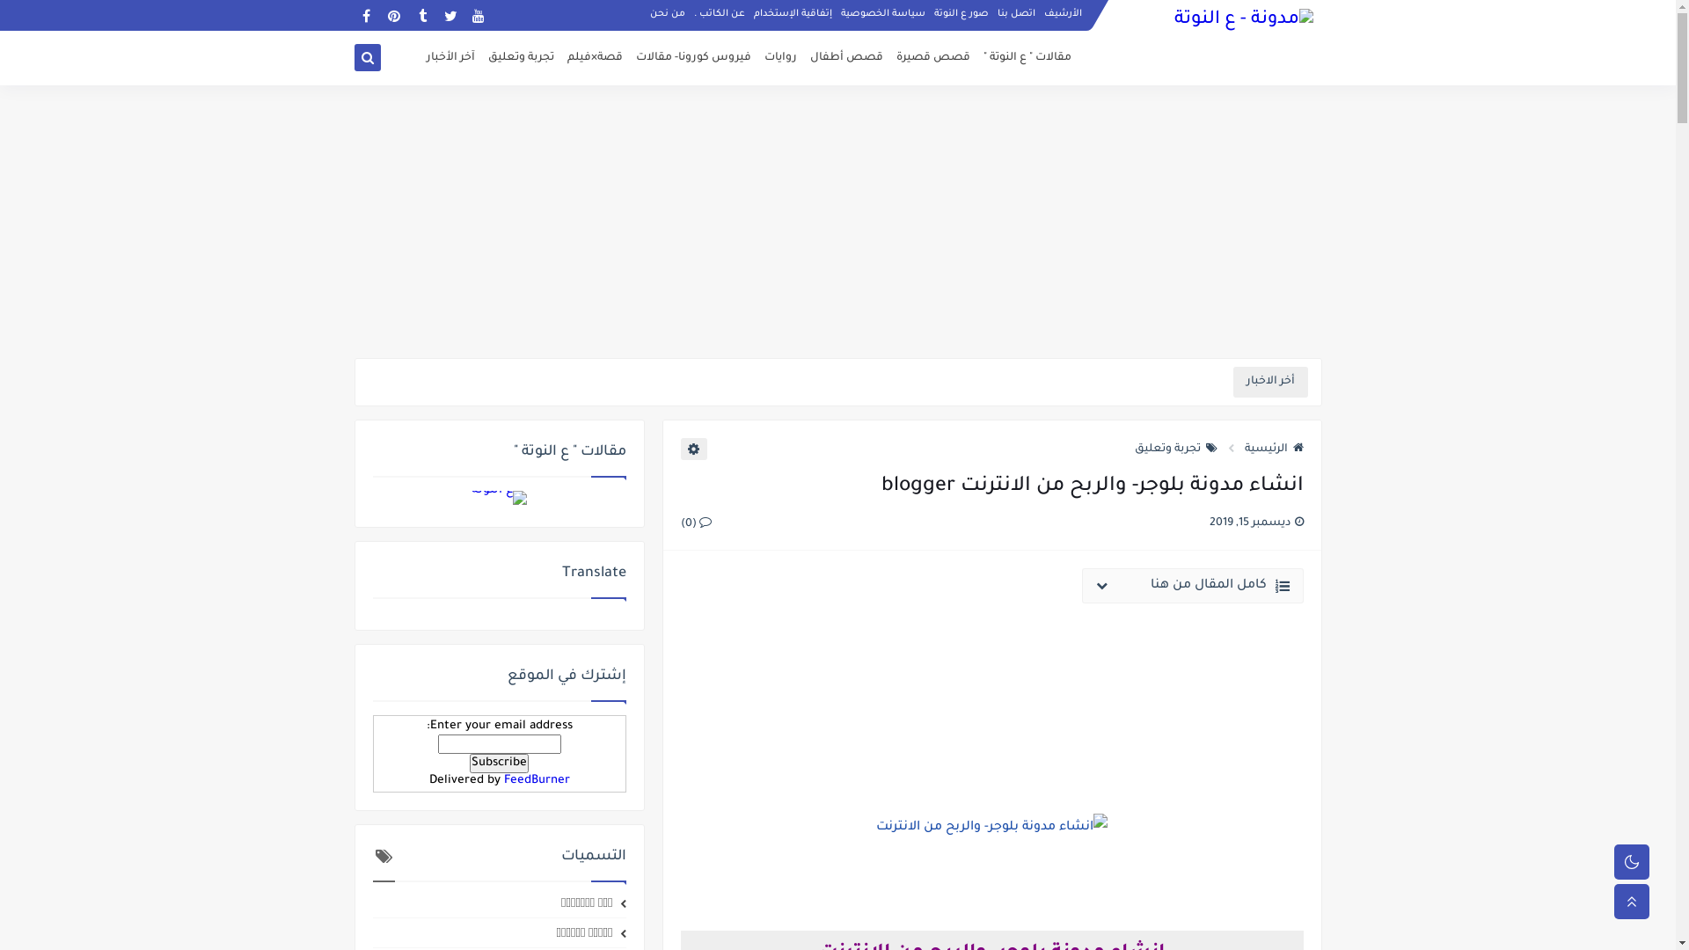 The image size is (1689, 950). I want to click on 'Advertisement', so click(836, 220).